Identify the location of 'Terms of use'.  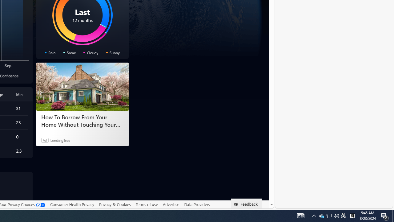
(146, 204).